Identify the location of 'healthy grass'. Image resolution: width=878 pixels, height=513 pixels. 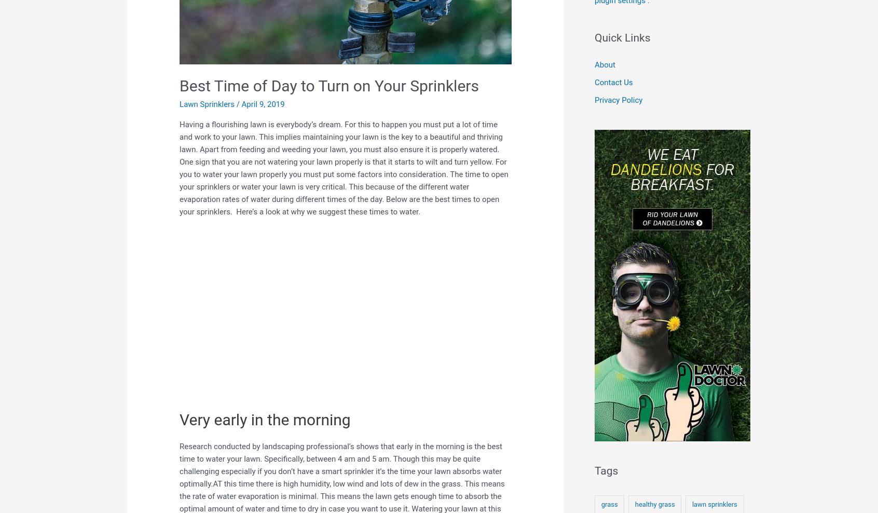
(654, 504).